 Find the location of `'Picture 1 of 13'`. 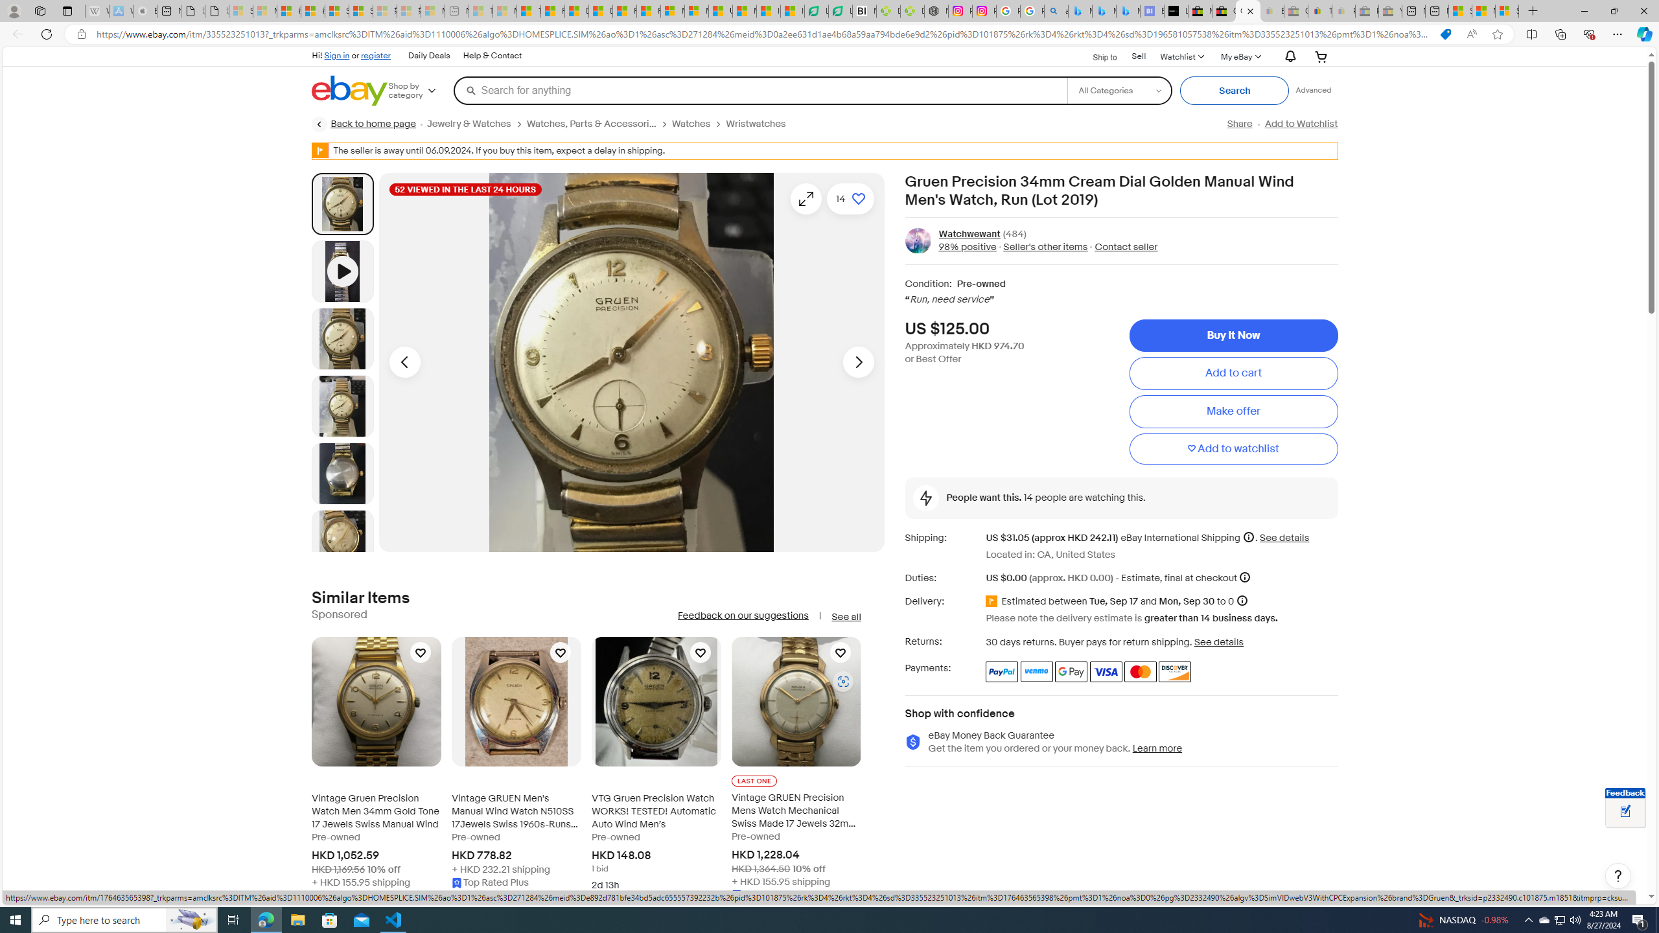

'Picture 1 of 13' is located at coordinates (342, 203).